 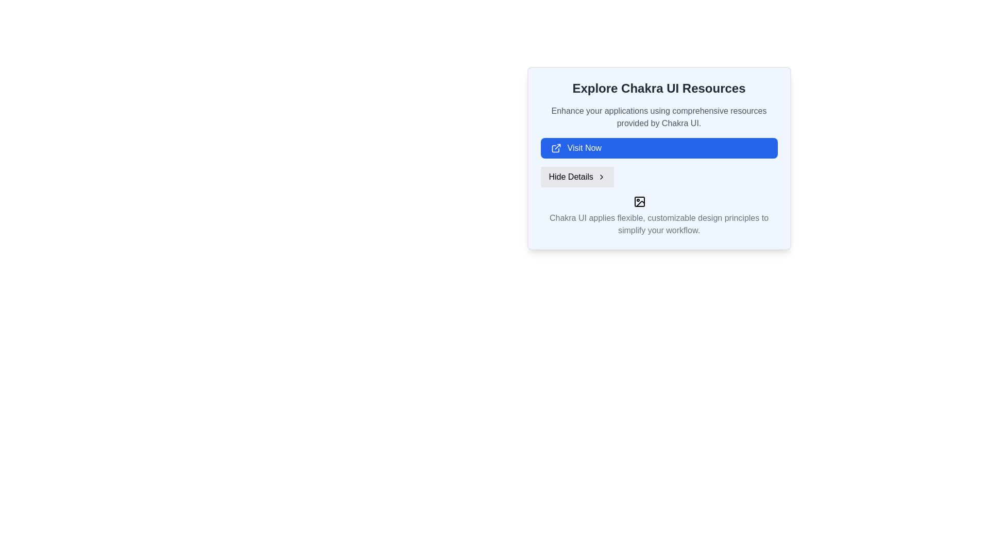 What do you see at coordinates (555, 148) in the screenshot?
I see `the icon located to the left of the 'Visit Now' text inside the button` at bounding box center [555, 148].